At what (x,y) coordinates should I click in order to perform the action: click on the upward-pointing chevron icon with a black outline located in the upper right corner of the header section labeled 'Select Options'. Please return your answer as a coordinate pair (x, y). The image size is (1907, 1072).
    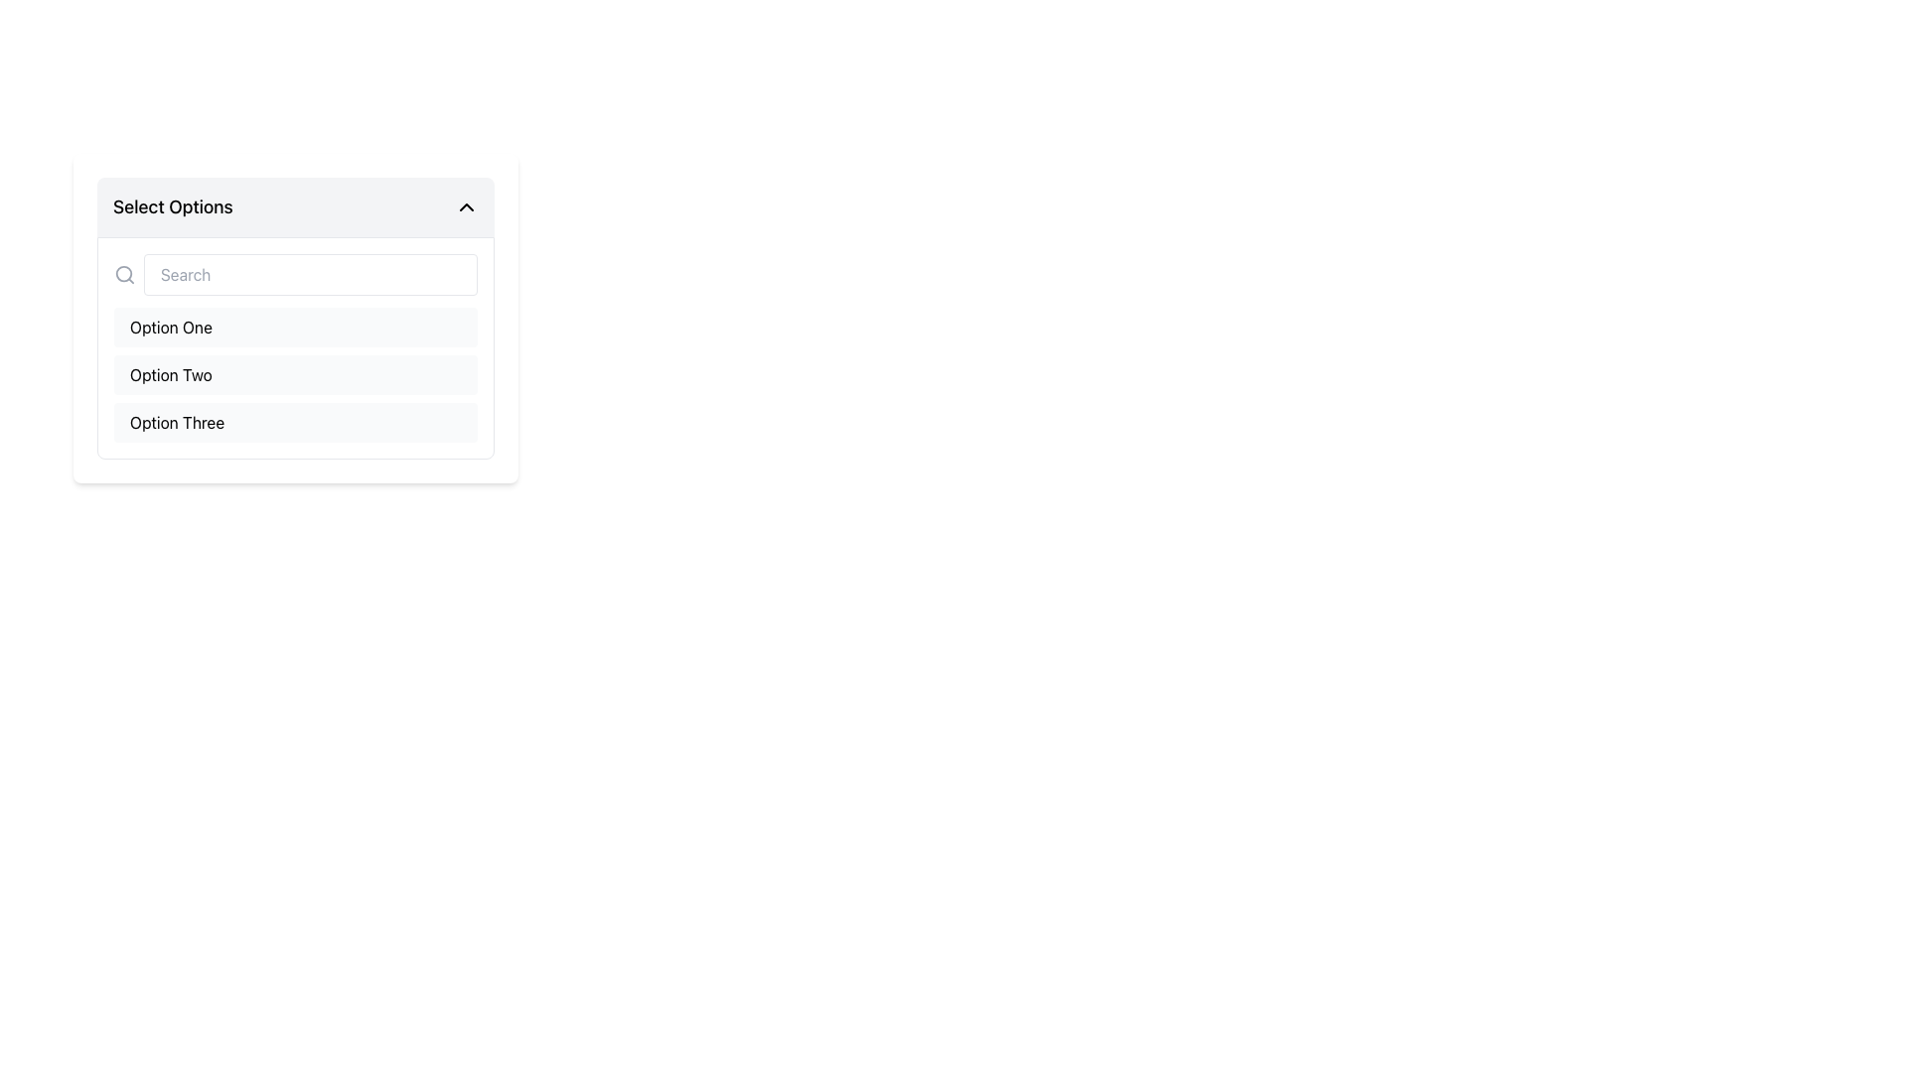
    Looking at the image, I should click on (466, 206).